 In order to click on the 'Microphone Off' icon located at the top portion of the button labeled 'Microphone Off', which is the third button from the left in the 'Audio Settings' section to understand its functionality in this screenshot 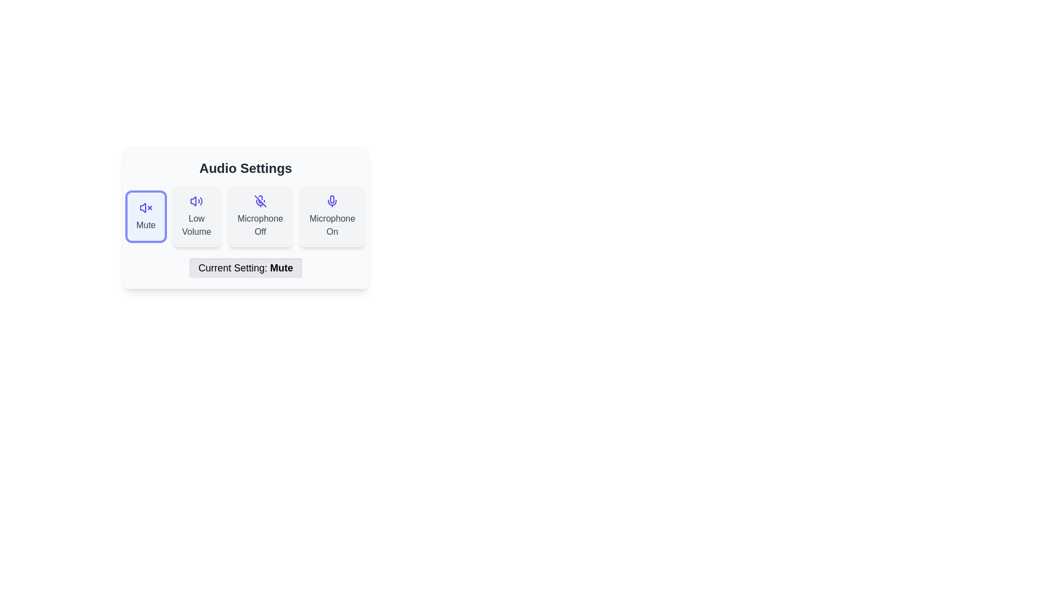, I will do `click(259, 201)`.